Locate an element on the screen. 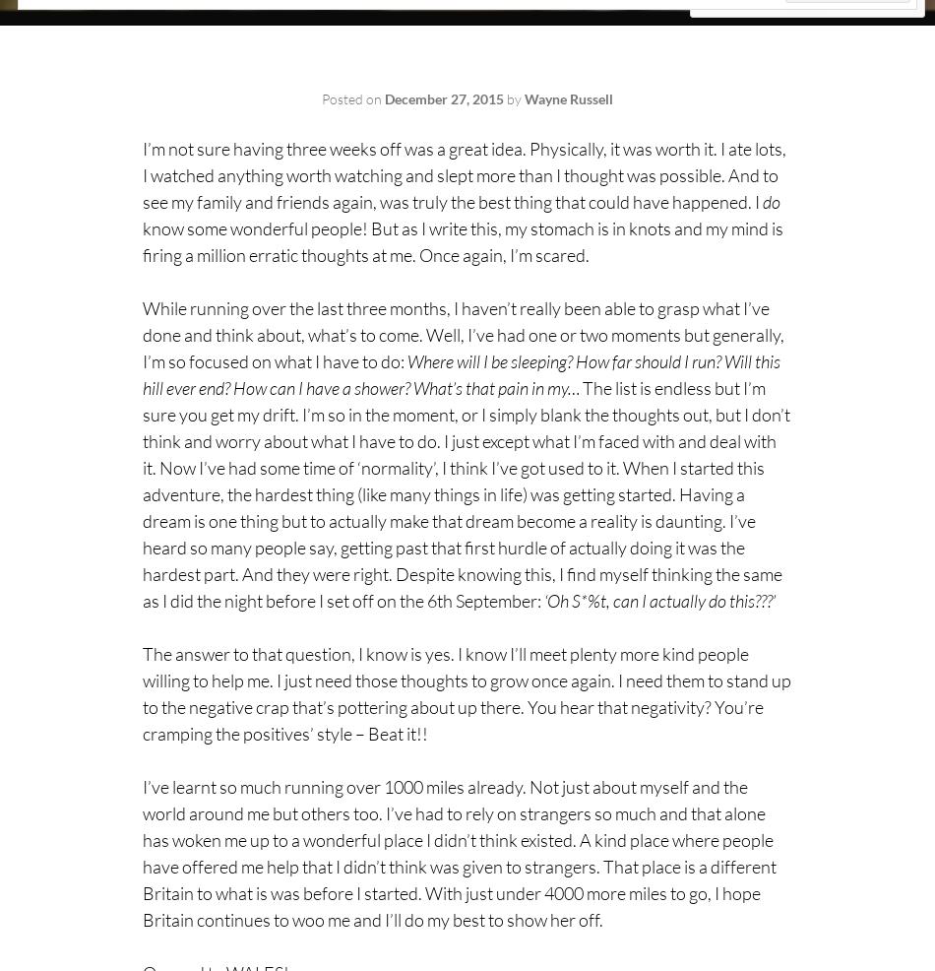 The height and width of the screenshot is (971, 935). 'The list is endless but I’m sure you get my drift. I’m so in the moment, or I simply blank the thoughts out, but I don’t think and worry about what I have to do. I just except what I’m faced with and deal with it. Now I’ve had some time of ‘normality’, I think I’ve got used to it. When I started this adventure, the hardest thing (like many things in life) was getting started. Having a dream is one thing but to actually make that dream become a reality is daunting. I’ve heard so many people say, getting past that first hurdle of actually doing it was the hardest part. And they were right. Despite knowing this, I find myself thinking the same as I did the night before I set off on the 6th September:' is located at coordinates (142, 492).